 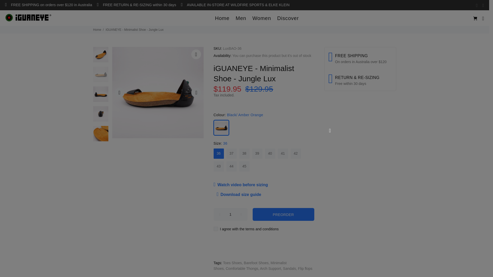 I want to click on 'Previous', so click(x=119, y=93).